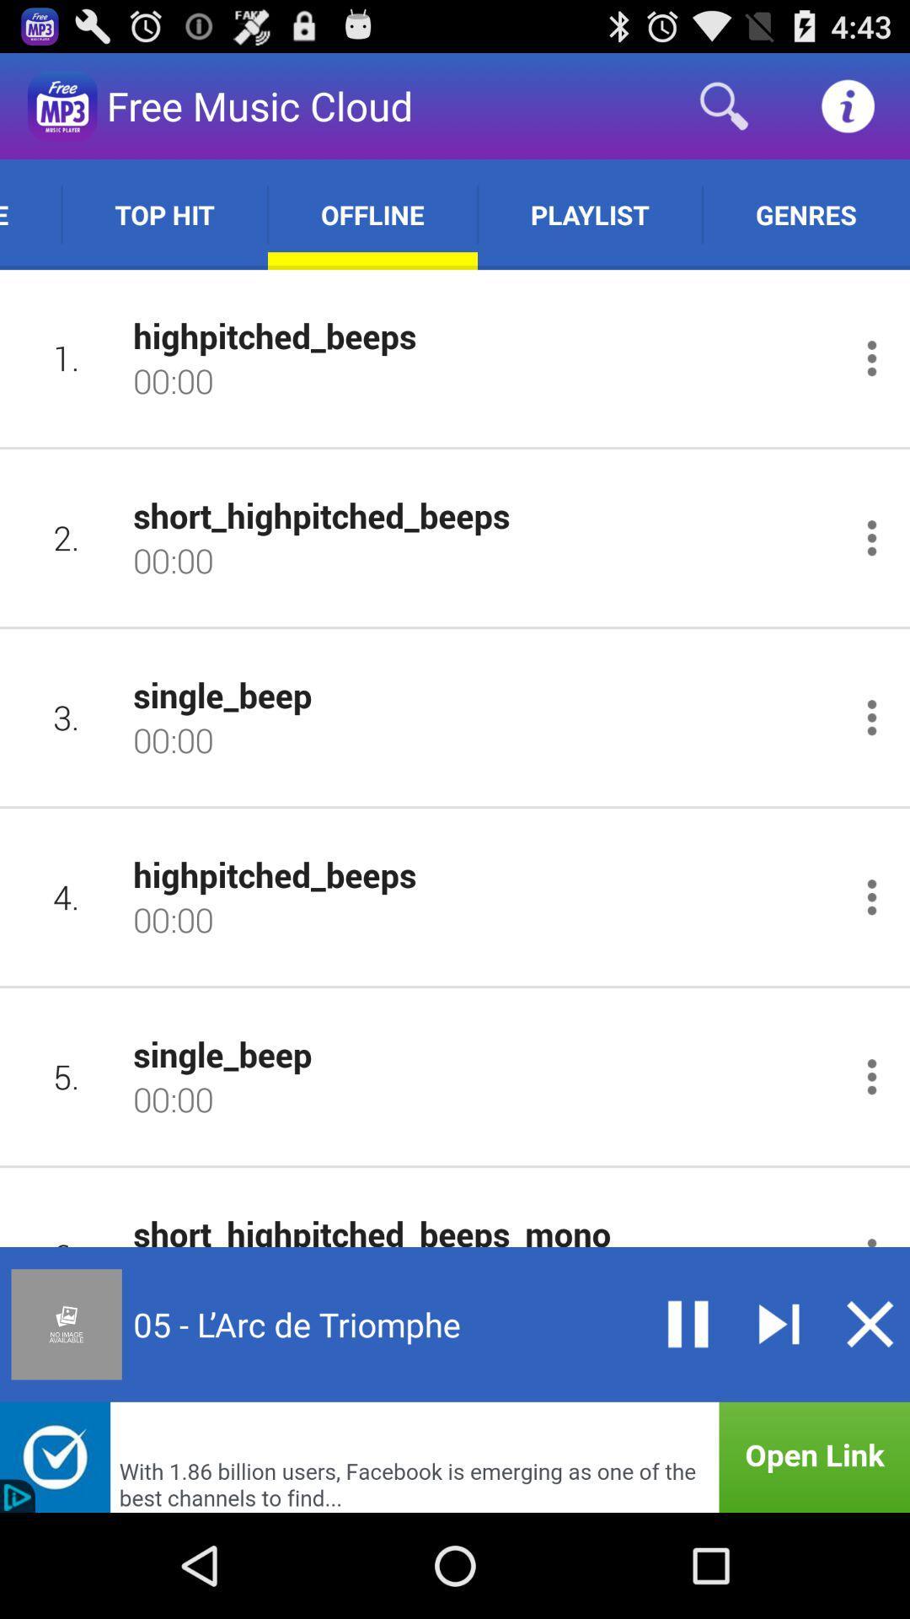 Image resolution: width=910 pixels, height=1619 pixels. What do you see at coordinates (871, 358) in the screenshot?
I see `open menu for item 1` at bounding box center [871, 358].